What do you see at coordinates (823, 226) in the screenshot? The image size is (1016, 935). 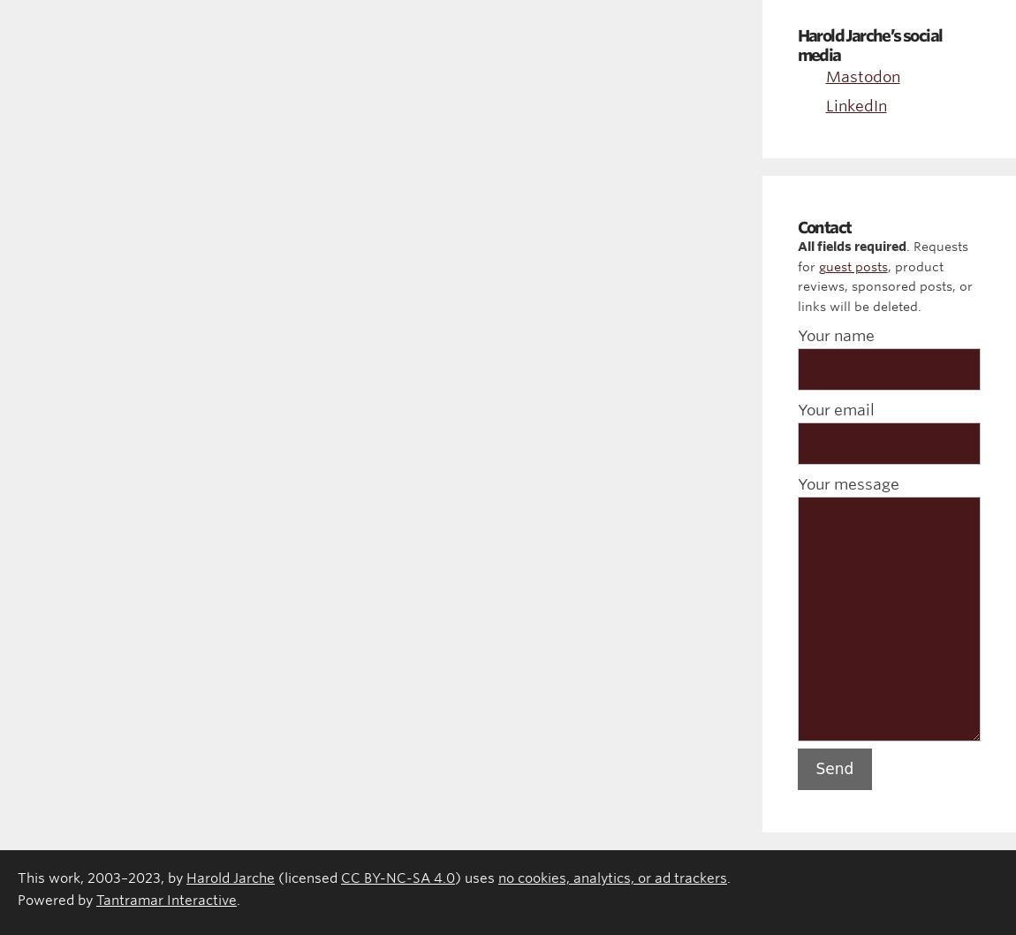 I see `'Contact'` at bounding box center [823, 226].